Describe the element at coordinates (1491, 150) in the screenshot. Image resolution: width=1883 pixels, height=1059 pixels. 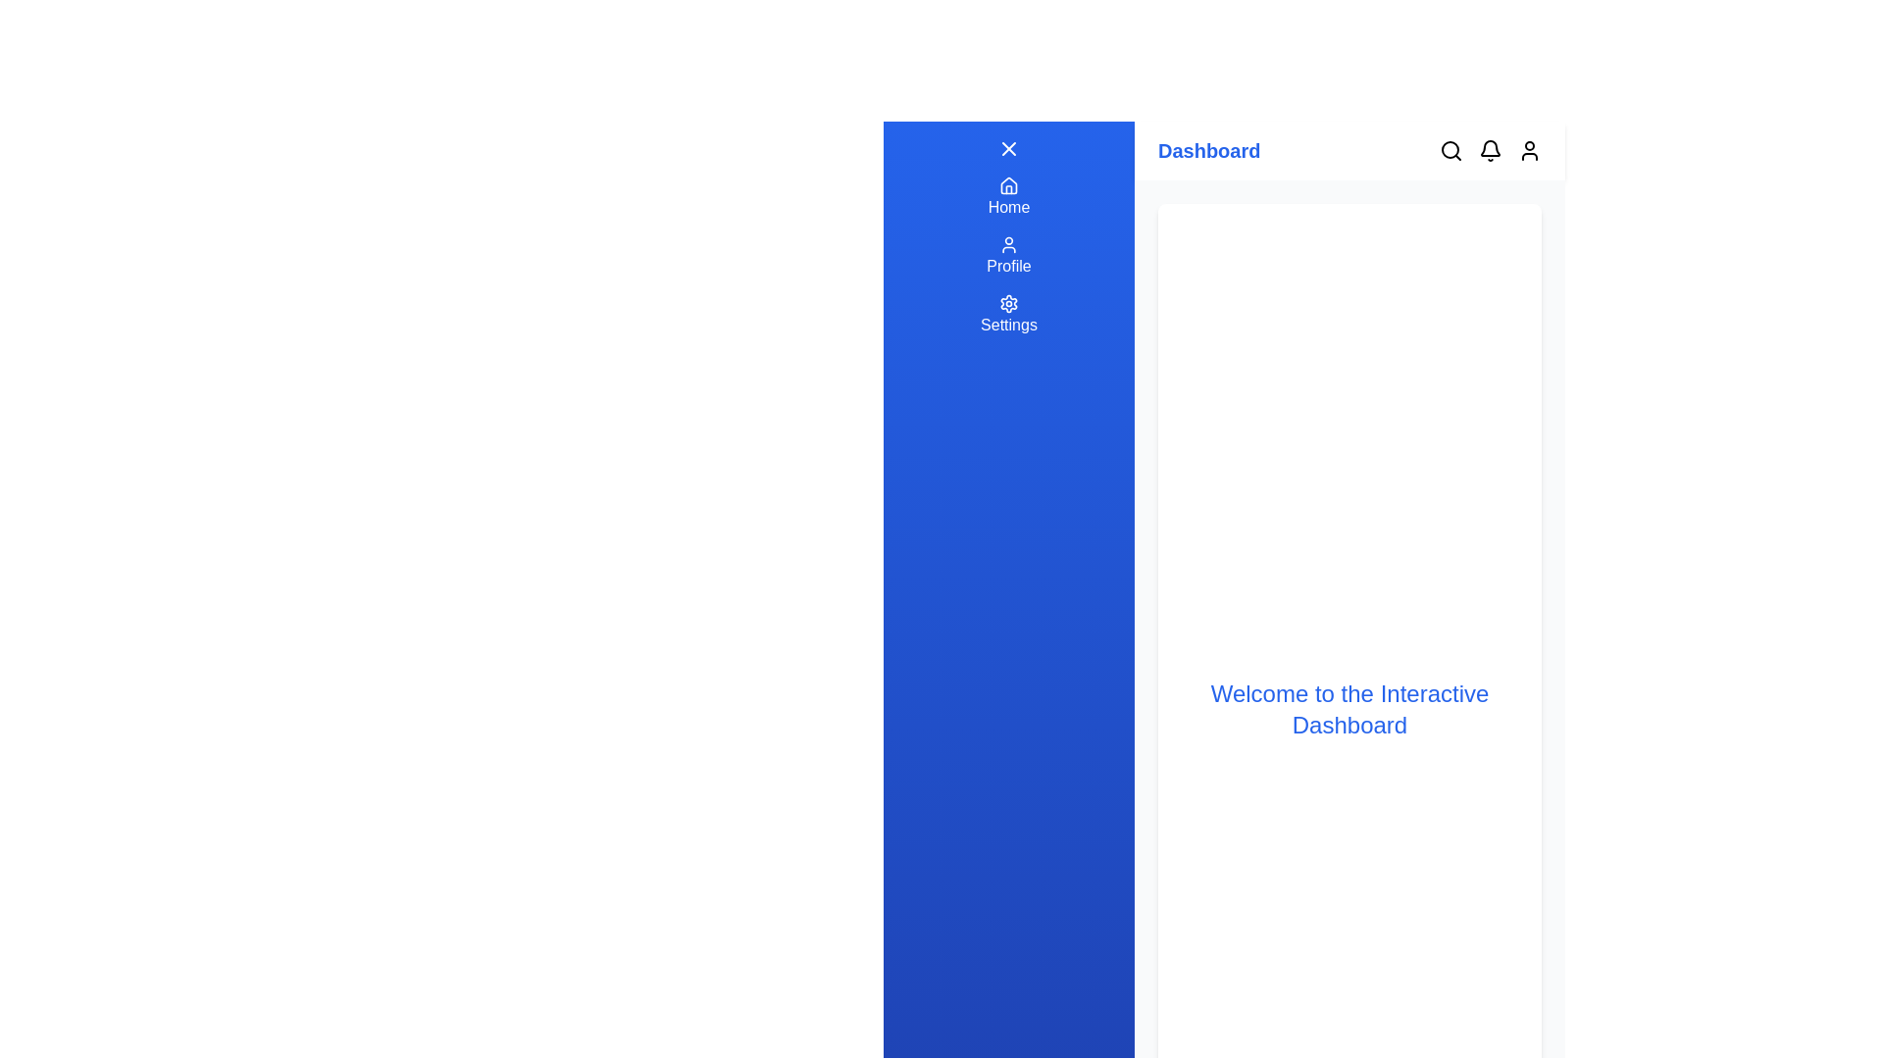
I see `the bell icon located in the upper right section of the user interface` at that location.